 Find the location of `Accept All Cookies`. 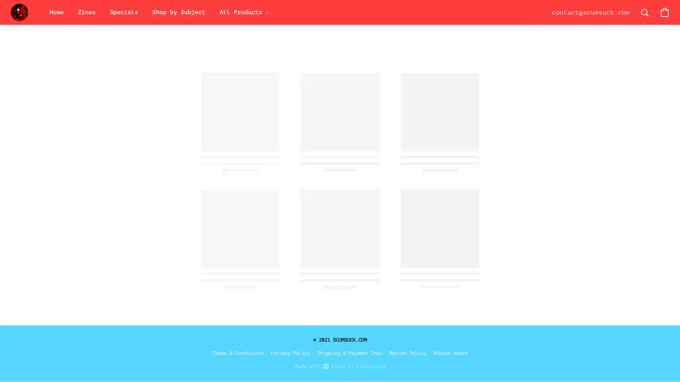

Accept All Cookies is located at coordinates (580, 235).